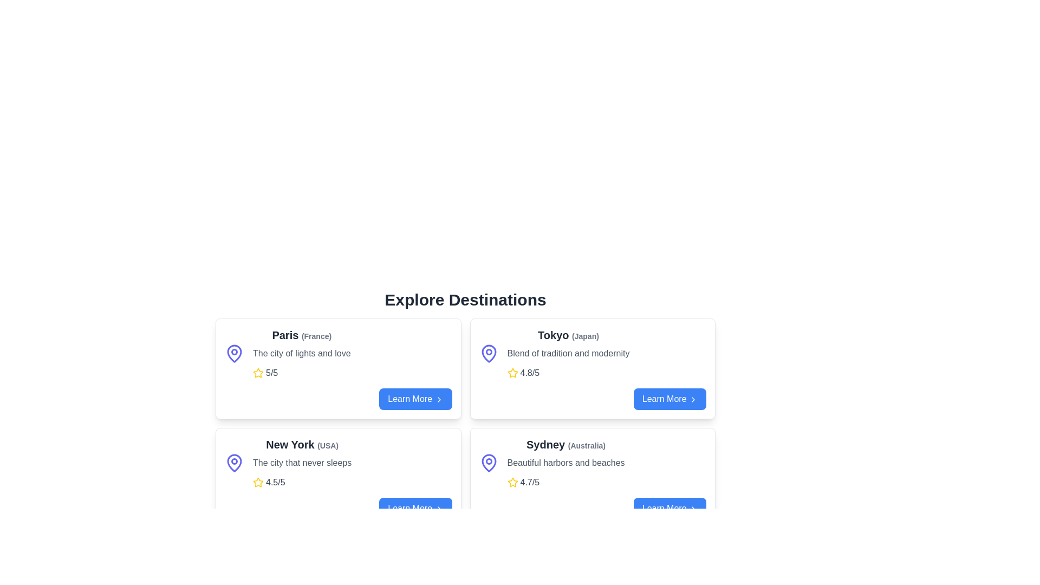 The image size is (1040, 585). What do you see at coordinates (488, 353) in the screenshot?
I see `the icon located at the leftmost side of the Tokyo information card, positioned above the text 'Tokyo (Japan)' and 'Blend of tradition and modernity'` at bounding box center [488, 353].